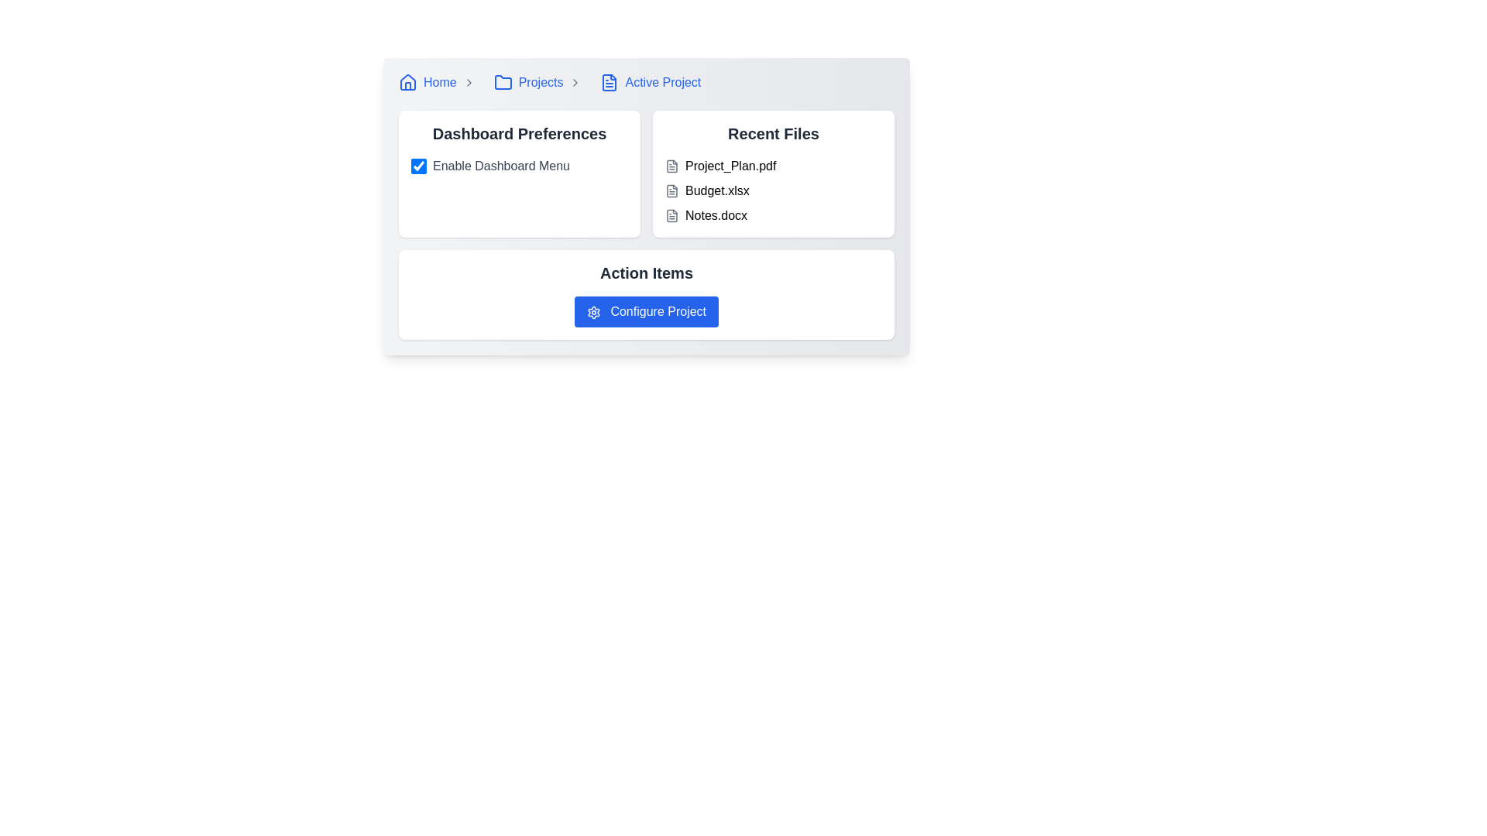 The height and width of the screenshot is (836, 1487). I want to click on the checkbox located in the 'Dashboard Preferences' section that enables or disables the 'Dashboard Menu' feature, so click(419, 166).